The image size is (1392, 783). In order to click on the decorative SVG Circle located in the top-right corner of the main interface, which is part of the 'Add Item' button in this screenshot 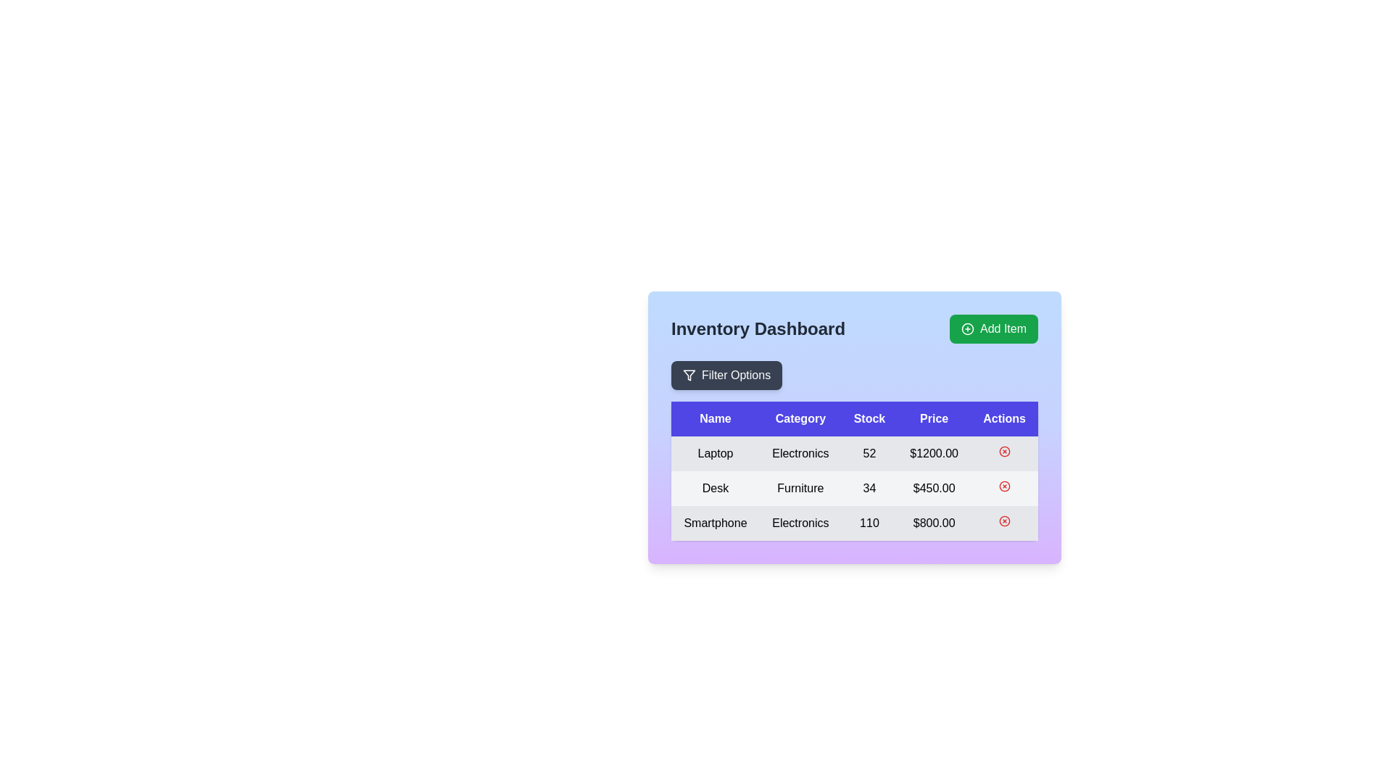, I will do `click(967, 329)`.